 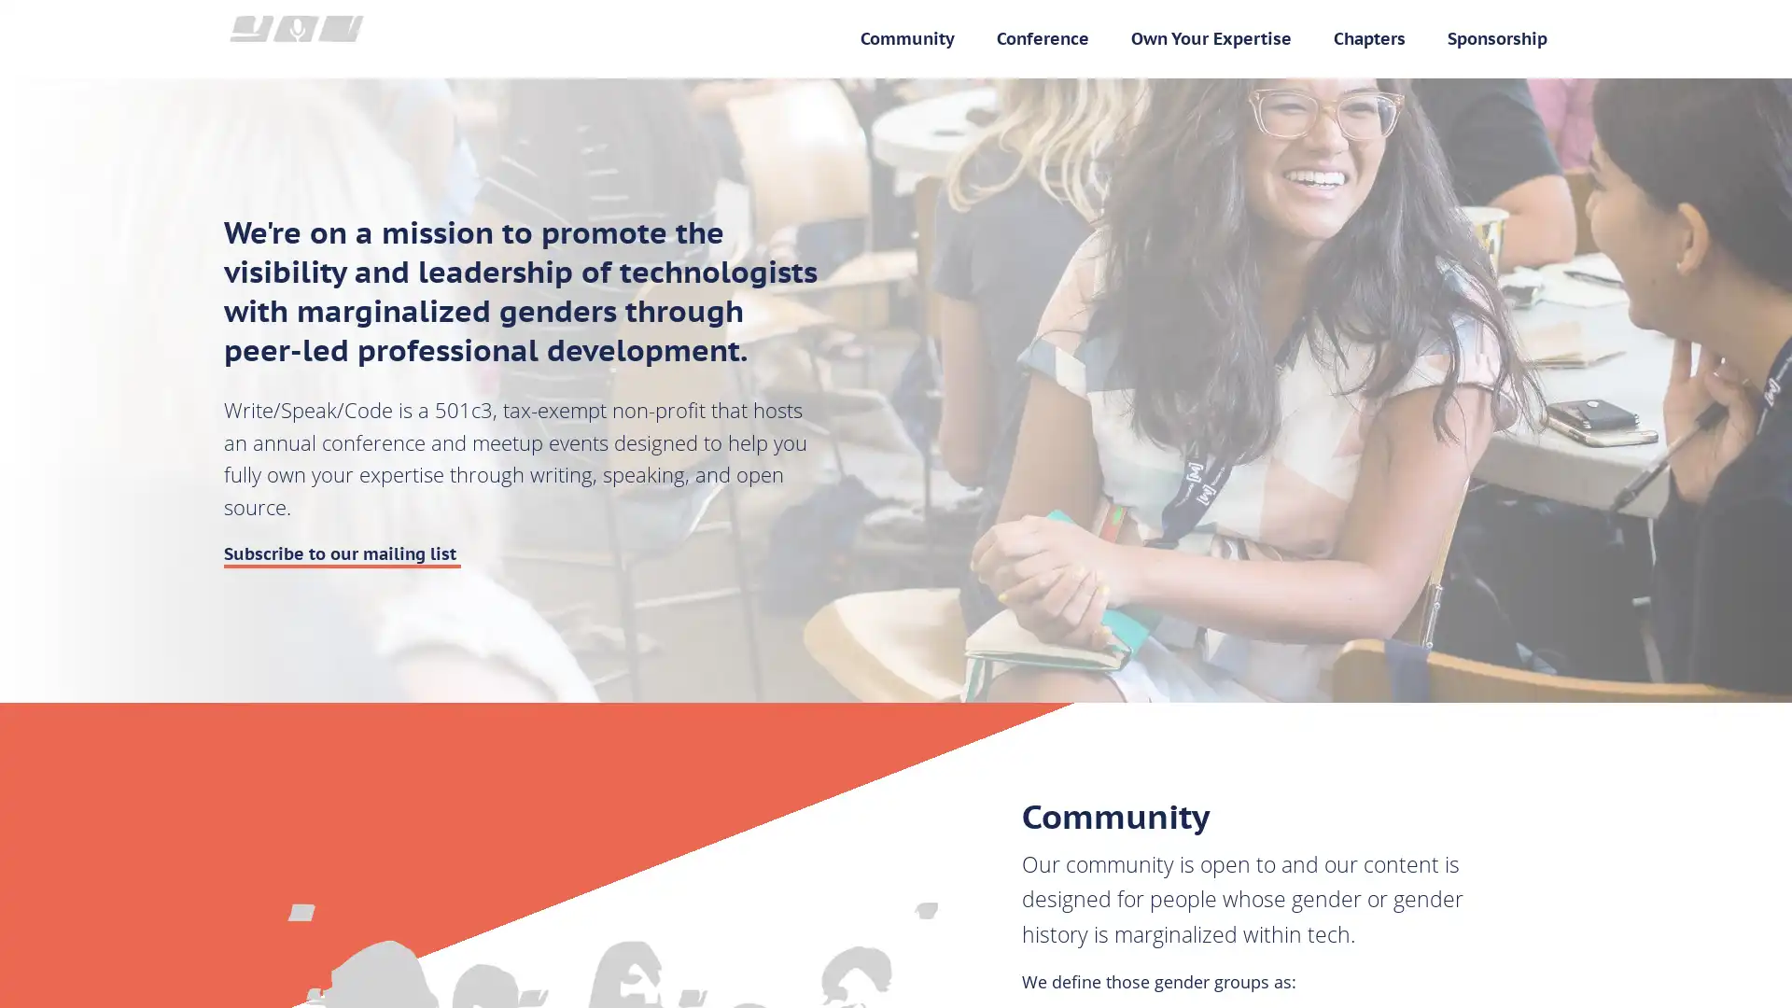 What do you see at coordinates (906, 38) in the screenshot?
I see `Community` at bounding box center [906, 38].